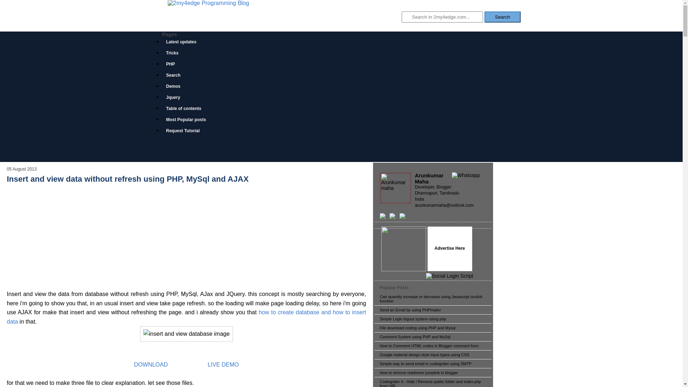  What do you see at coordinates (395, 187) in the screenshot?
I see `'Arunkumar Maha'` at bounding box center [395, 187].